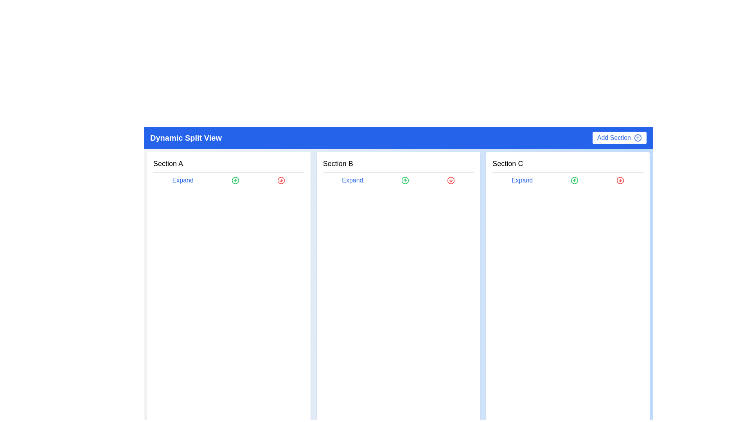  Describe the element at coordinates (575, 181) in the screenshot. I see `the green circular button with an upward-pointing arrow located in Section C, to the right of the text 'Expand'` at that location.